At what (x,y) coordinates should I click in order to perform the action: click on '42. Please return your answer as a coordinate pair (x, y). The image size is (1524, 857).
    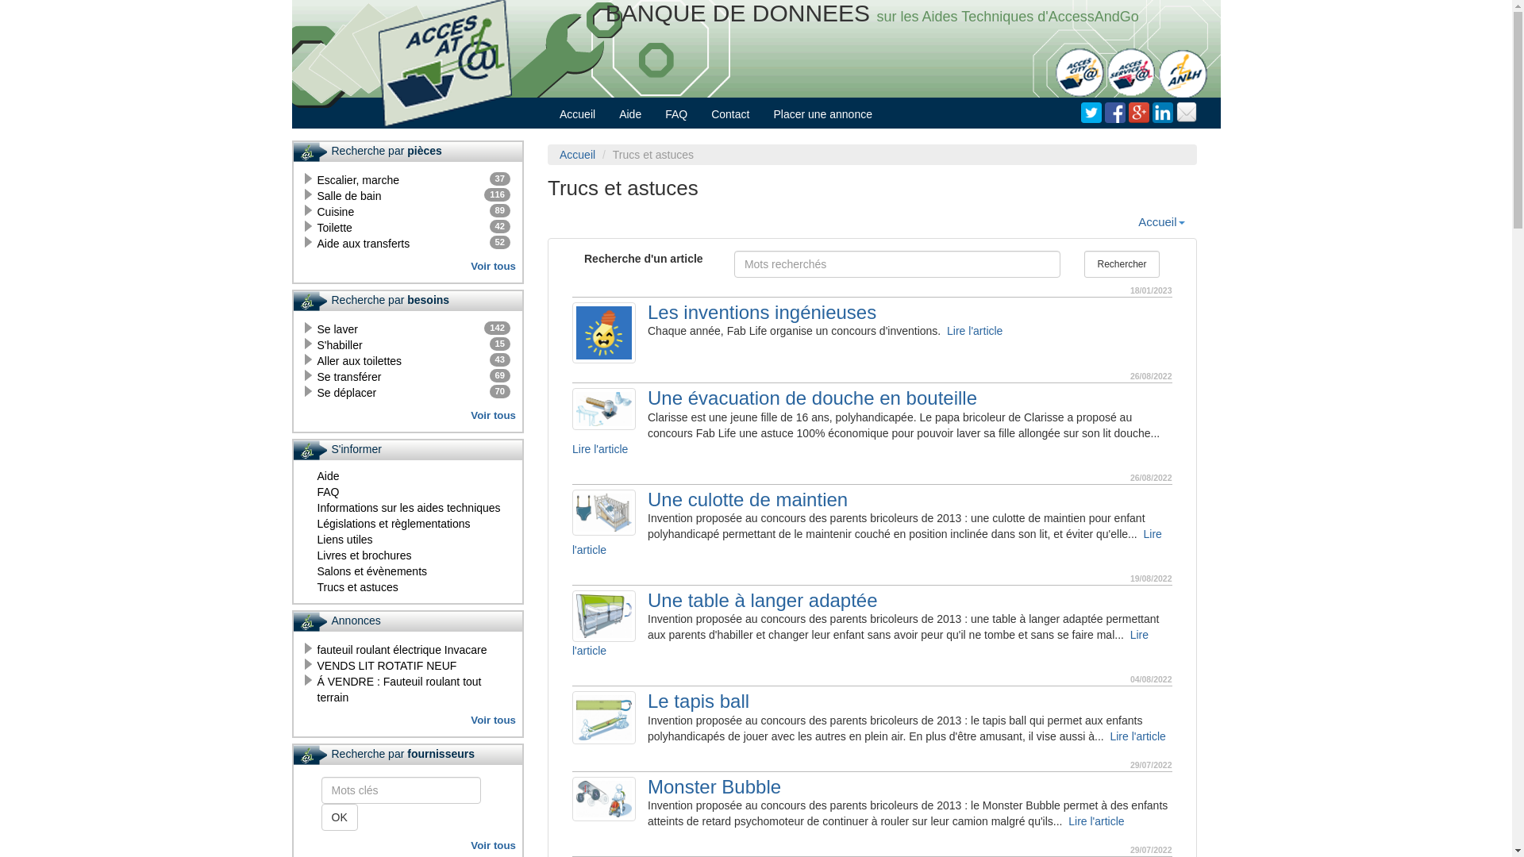
    Looking at the image, I should click on (334, 227).